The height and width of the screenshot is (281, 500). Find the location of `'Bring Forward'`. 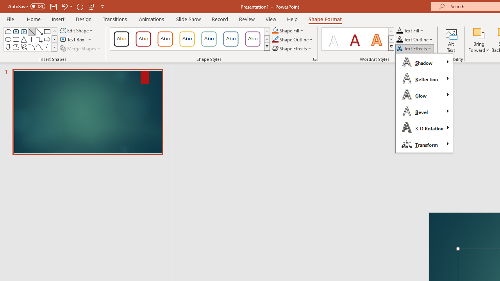

'Bring Forward' is located at coordinates (479, 40).